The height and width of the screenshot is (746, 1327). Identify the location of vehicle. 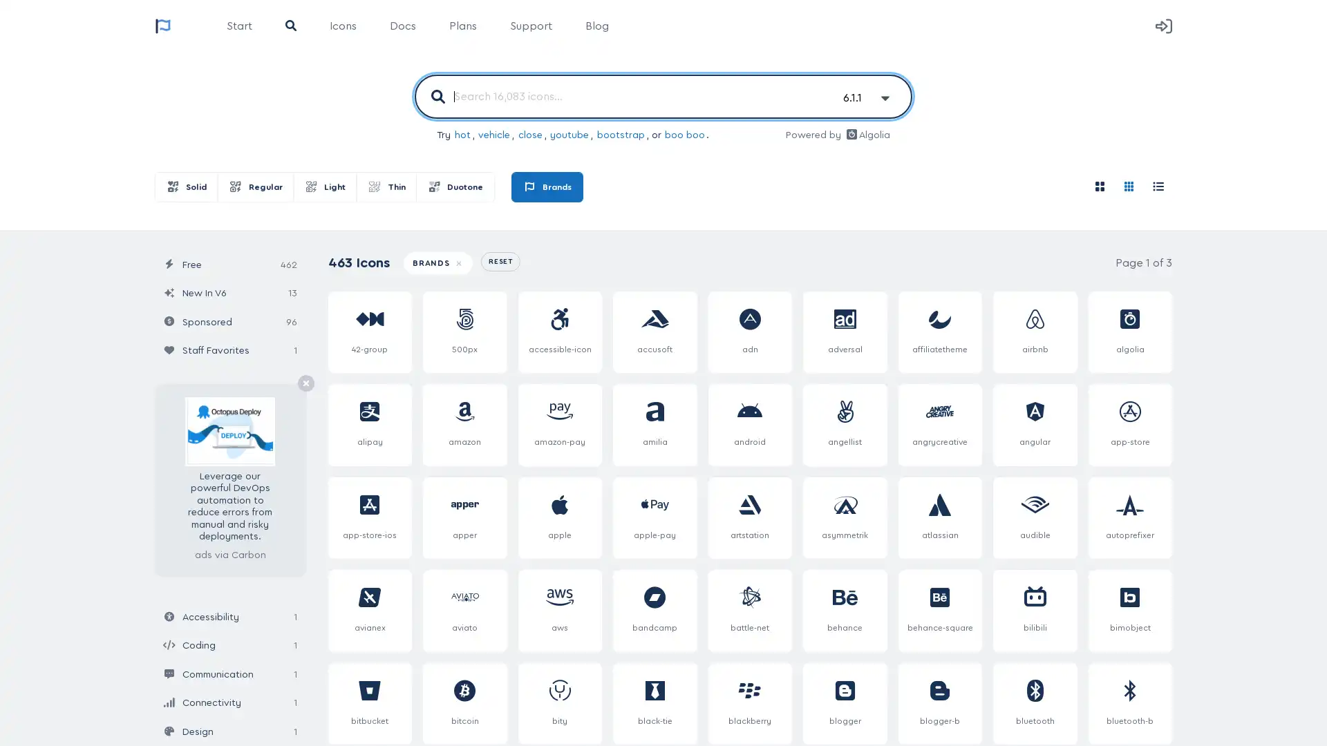
(494, 135).